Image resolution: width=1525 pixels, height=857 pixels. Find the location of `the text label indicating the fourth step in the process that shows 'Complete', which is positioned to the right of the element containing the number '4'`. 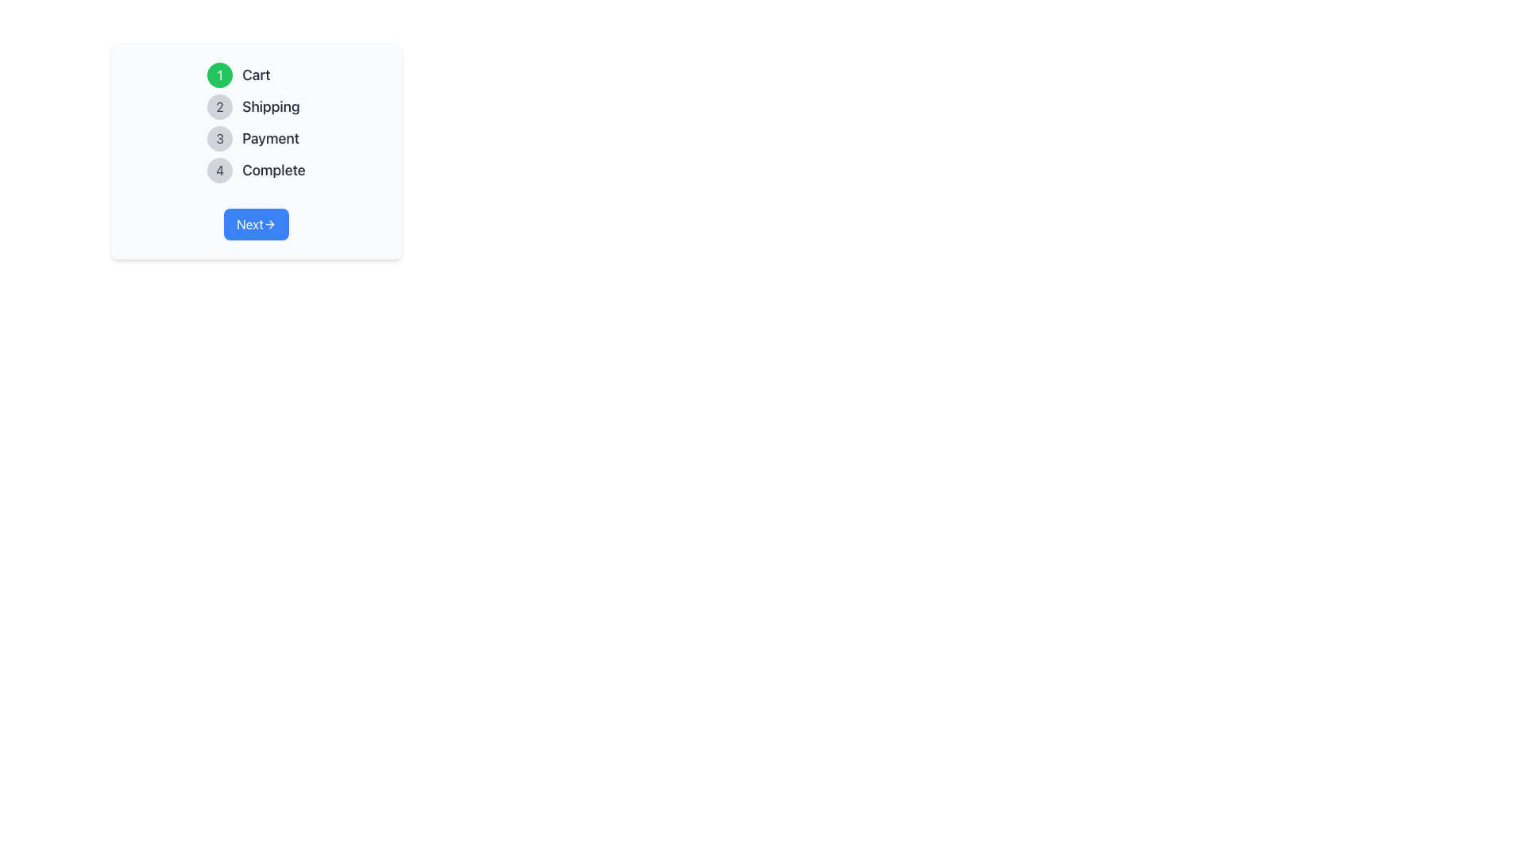

the text label indicating the fourth step in the process that shows 'Complete', which is positioned to the right of the element containing the number '4' is located at coordinates (274, 171).